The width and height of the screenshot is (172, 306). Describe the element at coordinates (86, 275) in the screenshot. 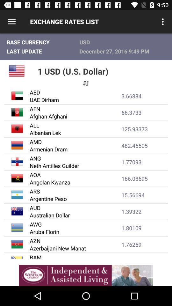

I see `advertisement banner would take off site` at that location.